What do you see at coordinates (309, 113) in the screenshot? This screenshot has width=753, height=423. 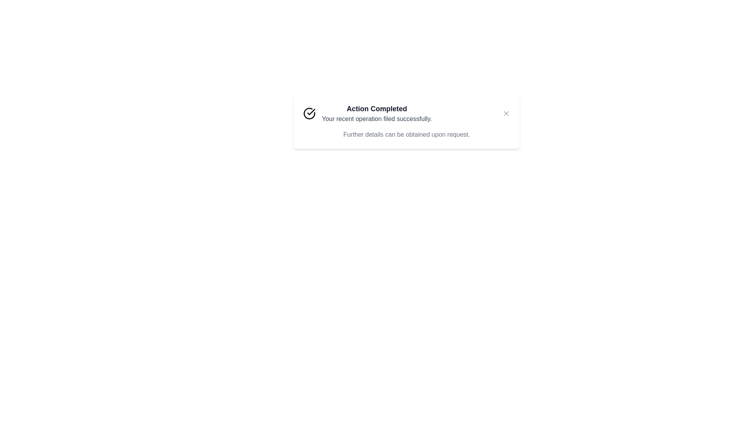 I see `the circular green icon with a checkmark inside, located at the top-left corner of the notification box, indicating a success message` at bounding box center [309, 113].